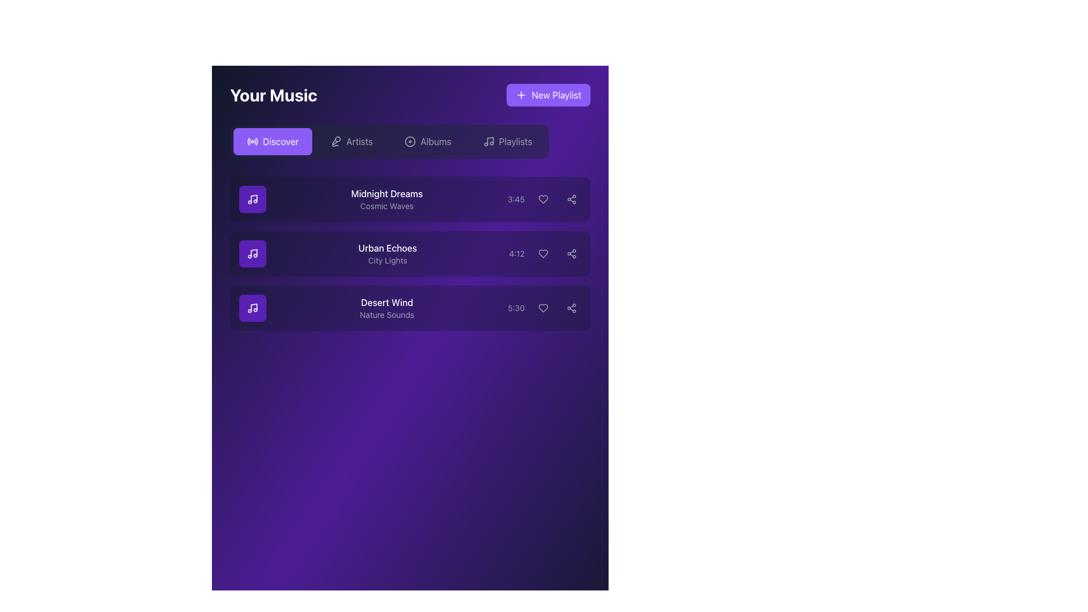 This screenshot has width=1088, height=612. Describe the element at coordinates (435, 141) in the screenshot. I see `the 'Albums' text label, which serves as a navigation option for managing music albums` at that location.